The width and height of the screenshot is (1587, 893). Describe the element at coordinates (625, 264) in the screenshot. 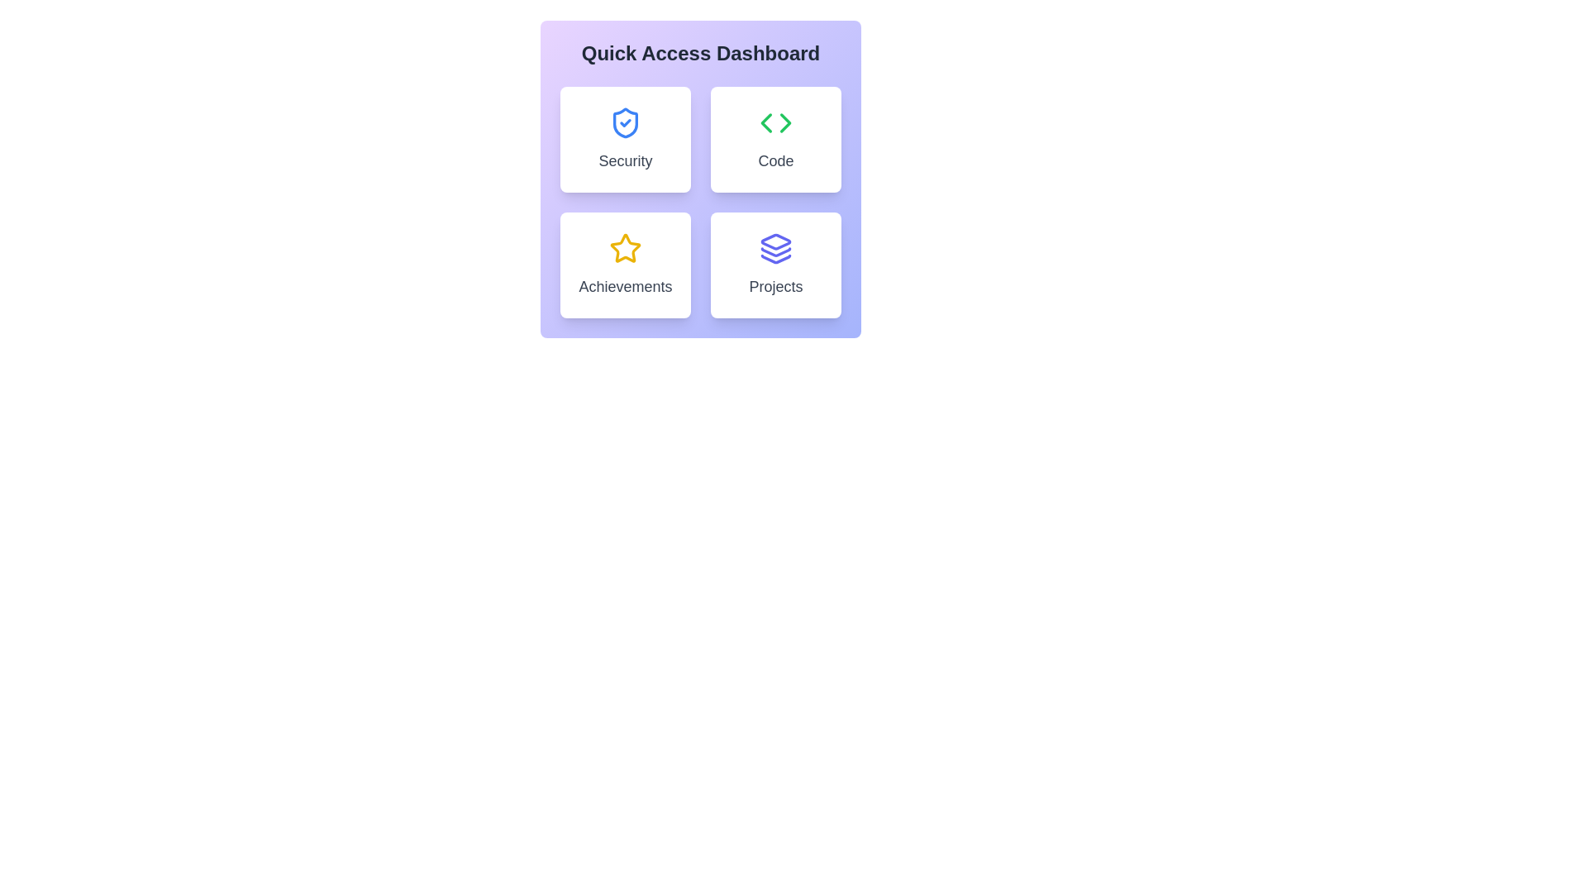

I see `the Card component located` at that location.